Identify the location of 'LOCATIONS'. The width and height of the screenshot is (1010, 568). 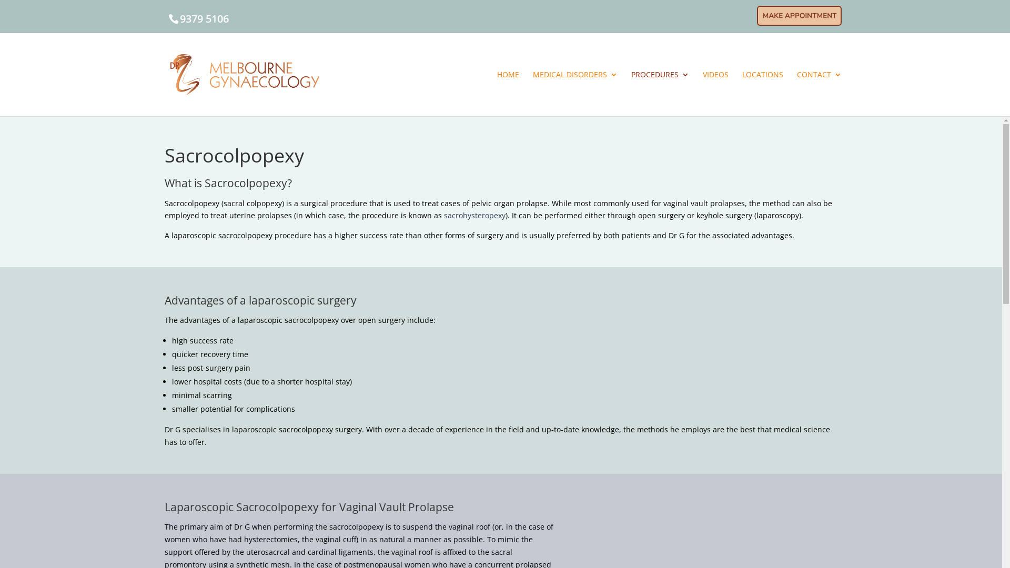
(762, 93).